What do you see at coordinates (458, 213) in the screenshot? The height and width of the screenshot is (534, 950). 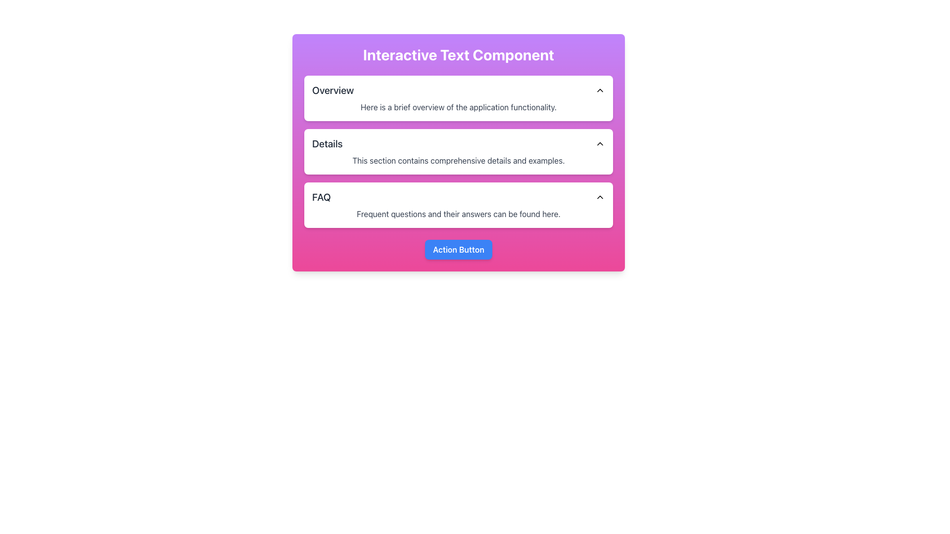 I see `the static text label located immediately below the 'FAQ' title in the FAQ section, providing additional information about its contents` at bounding box center [458, 213].